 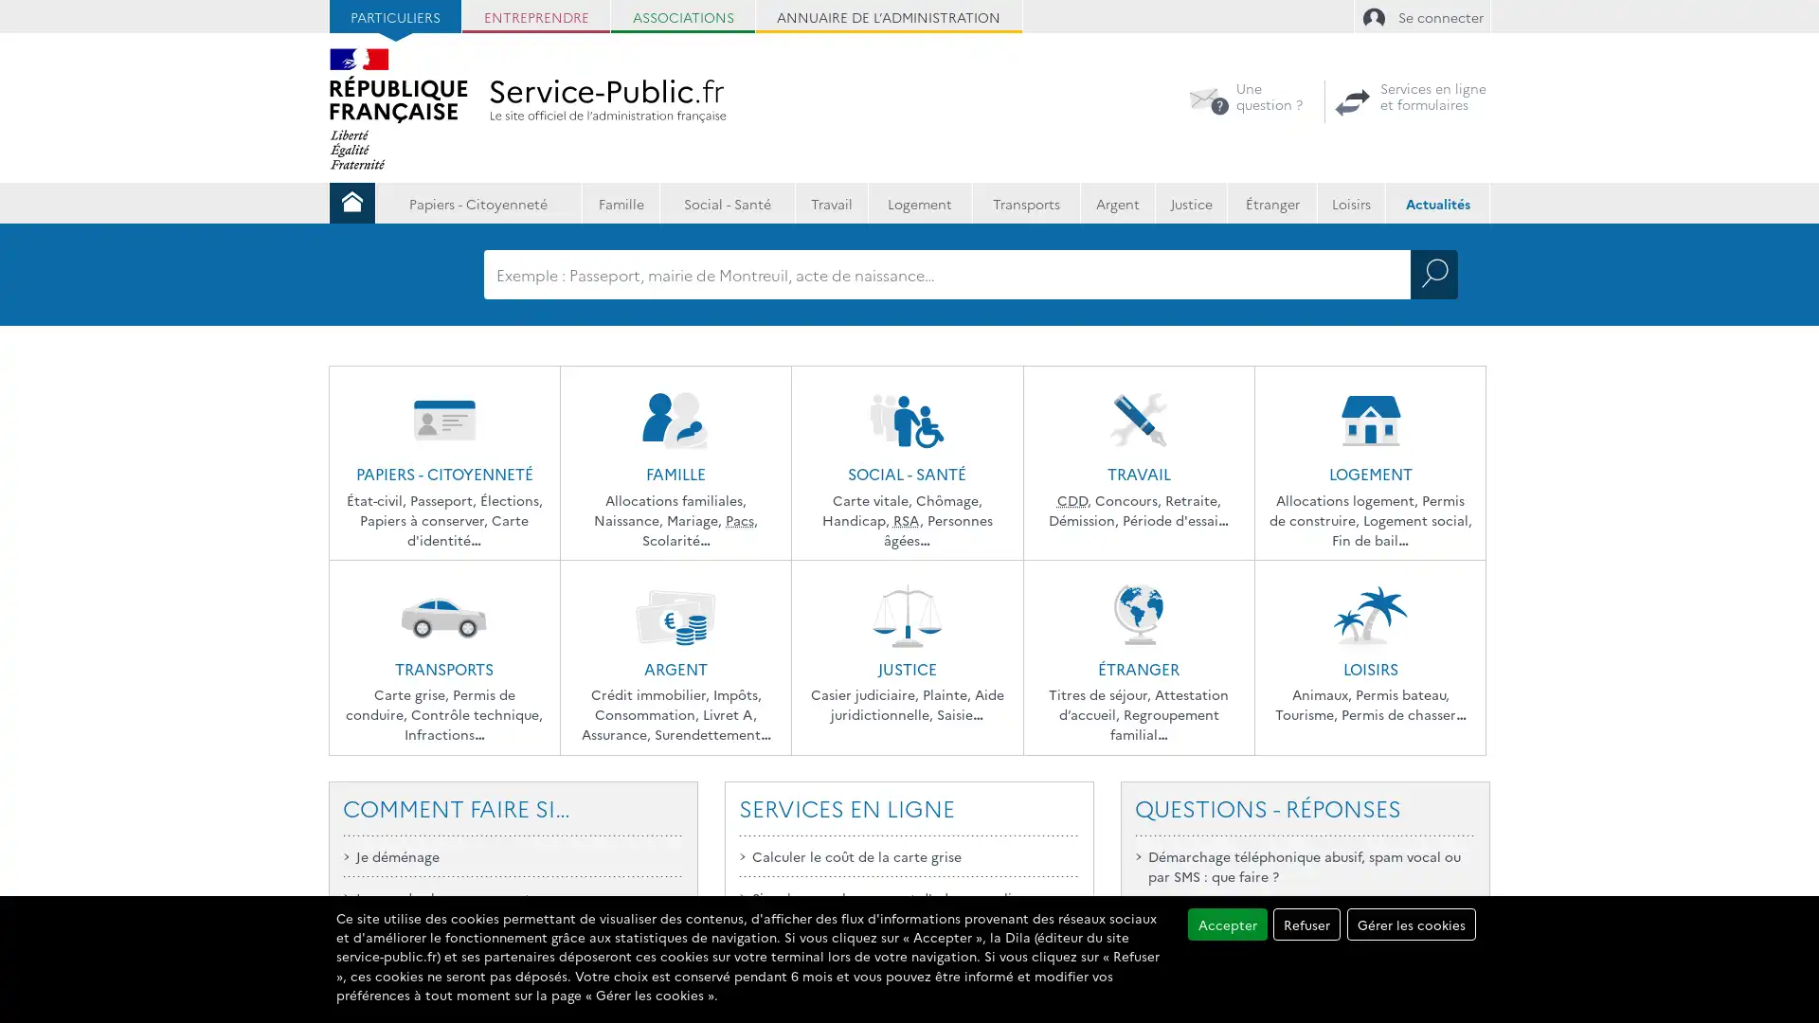 What do you see at coordinates (477, 202) in the screenshot?
I see `Papiers - Citoyennete` at bounding box center [477, 202].